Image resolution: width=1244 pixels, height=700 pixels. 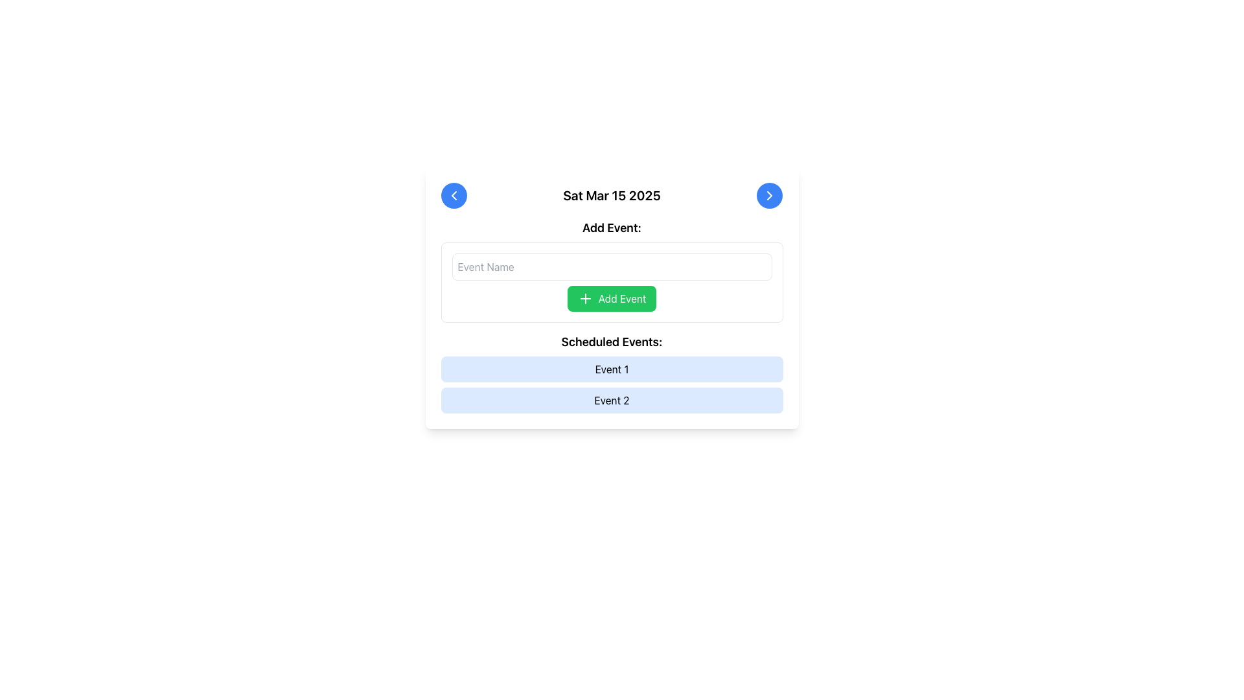 What do you see at coordinates (454, 195) in the screenshot?
I see `the navigation button located at the top-left corner of the 'Sat Mar 15 2025' section` at bounding box center [454, 195].